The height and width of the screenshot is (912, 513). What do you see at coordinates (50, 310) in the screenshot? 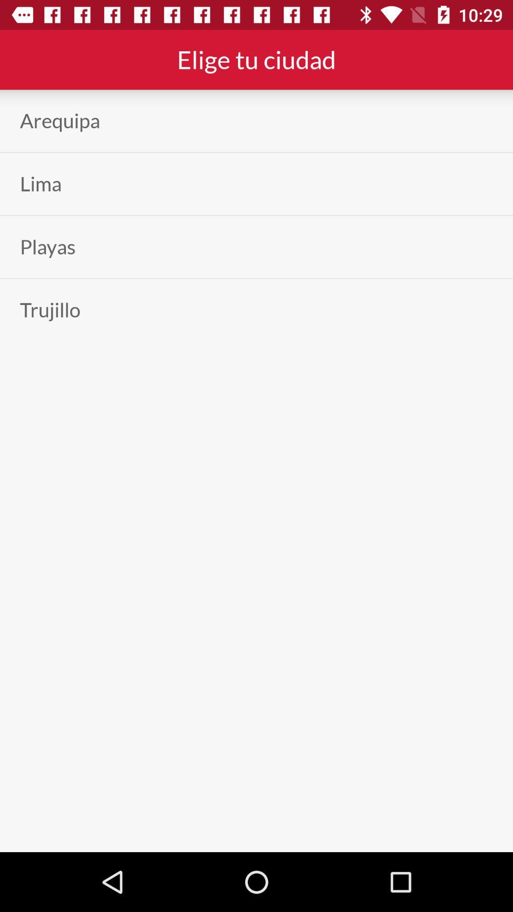
I see `the trujillo` at bounding box center [50, 310].